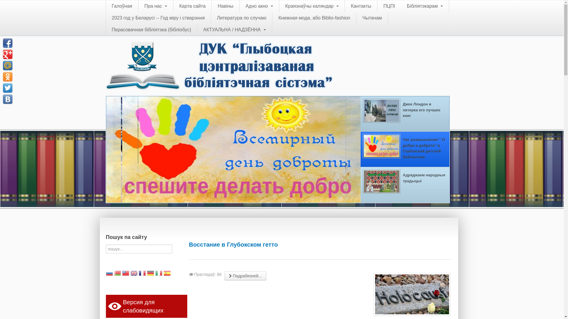 This screenshot has width=568, height=319. What do you see at coordinates (167, 274) in the screenshot?
I see `'Spanish'` at bounding box center [167, 274].